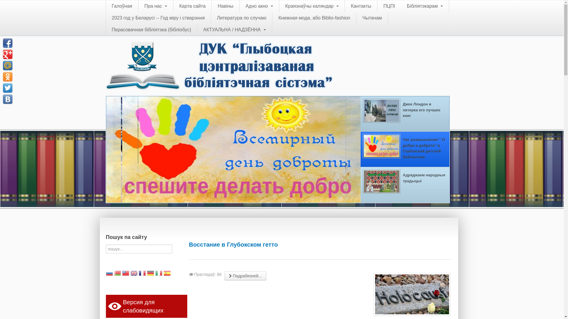 This screenshot has width=568, height=319. What do you see at coordinates (167, 274) in the screenshot?
I see `'Spanish'` at bounding box center [167, 274].